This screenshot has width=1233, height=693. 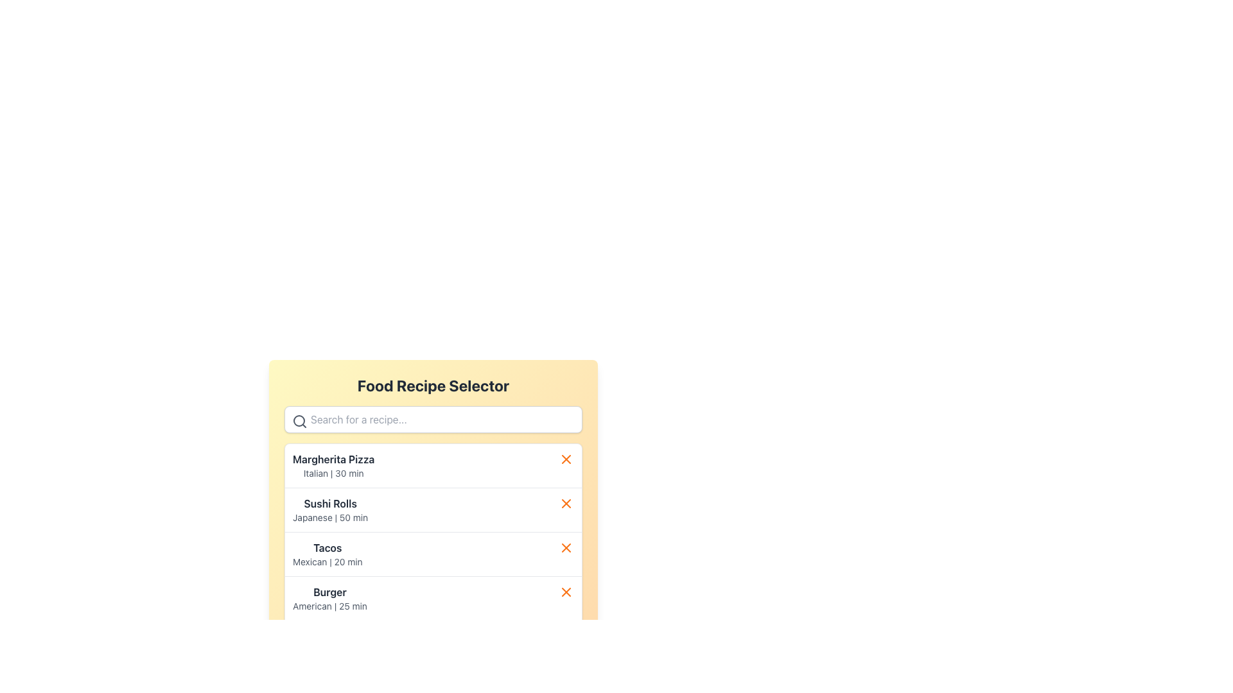 I want to click on supplementary information text label for the recipe 'Margherita Pizza', which specifies its cuisine type and preparation time, so click(x=333, y=473).